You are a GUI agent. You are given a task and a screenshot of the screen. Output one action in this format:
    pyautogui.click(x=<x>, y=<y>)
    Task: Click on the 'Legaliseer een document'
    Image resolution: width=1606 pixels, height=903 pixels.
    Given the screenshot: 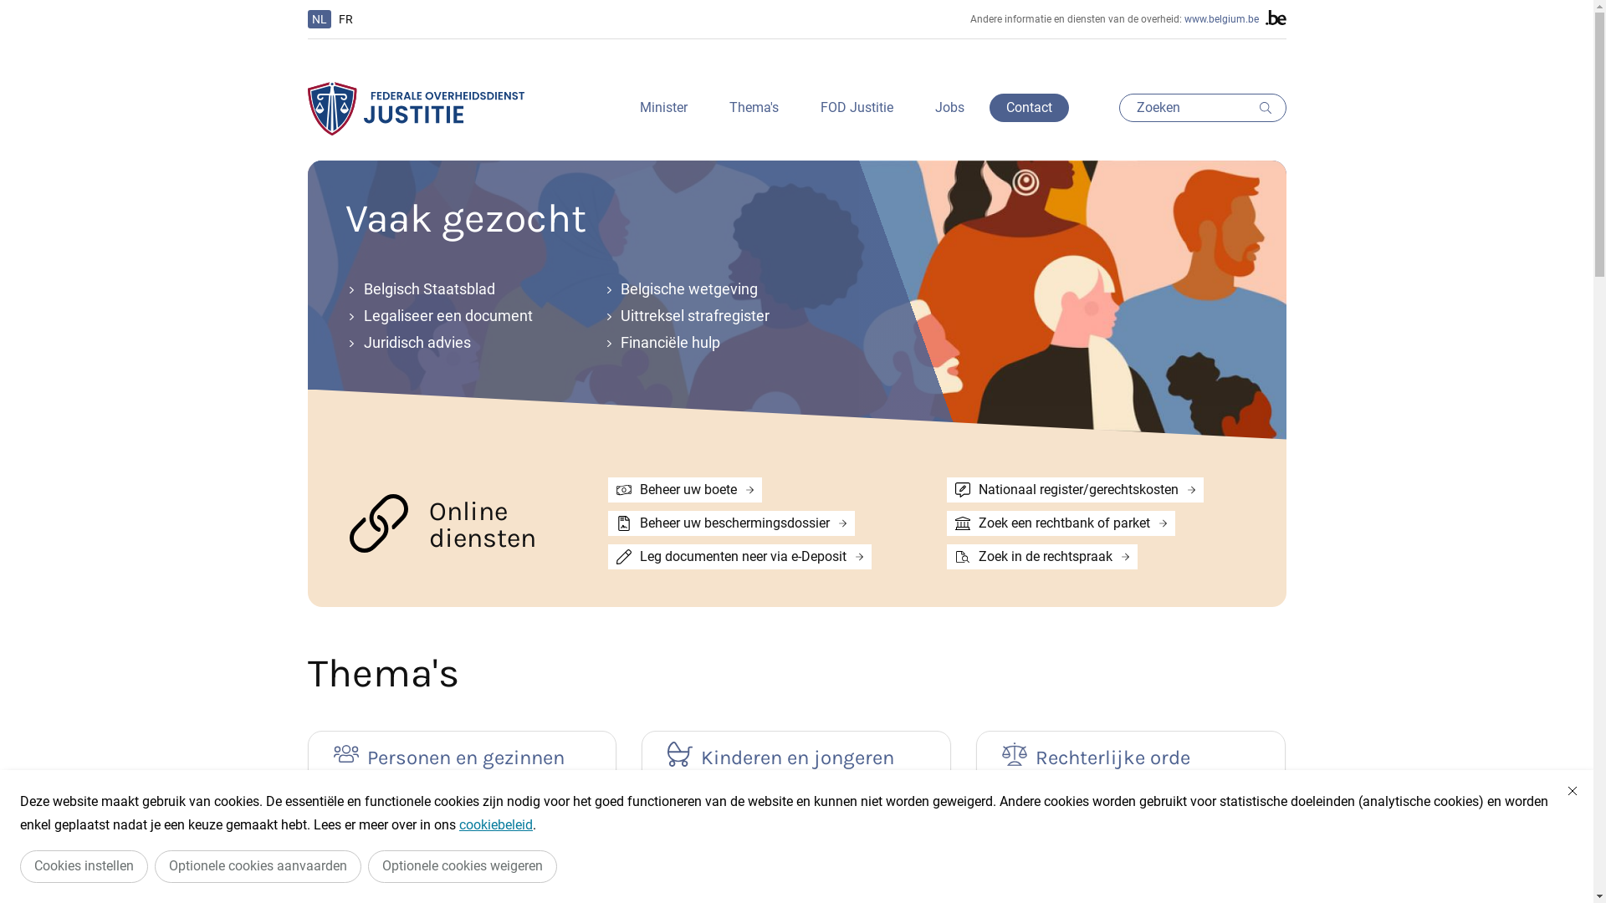 What is the action you would take?
    pyautogui.click(x=453, y=316)
    